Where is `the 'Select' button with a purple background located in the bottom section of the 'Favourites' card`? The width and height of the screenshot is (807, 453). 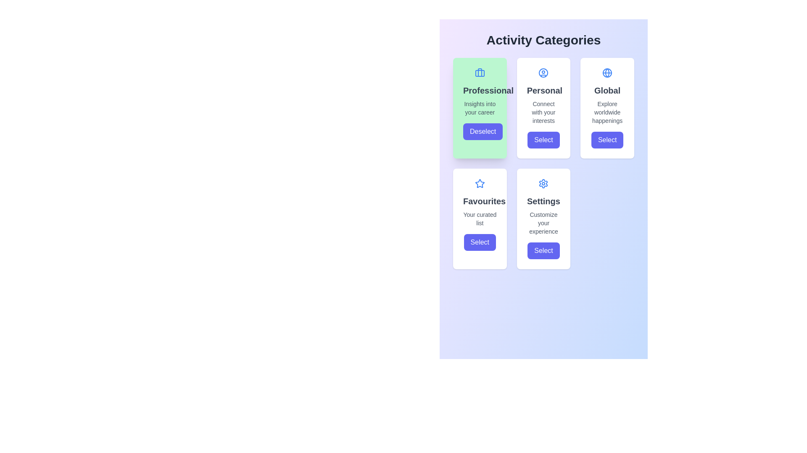
the 'Select' button with a purple background located in the bottom section of the 'Favourites' card is located at coordinates (480, 242).